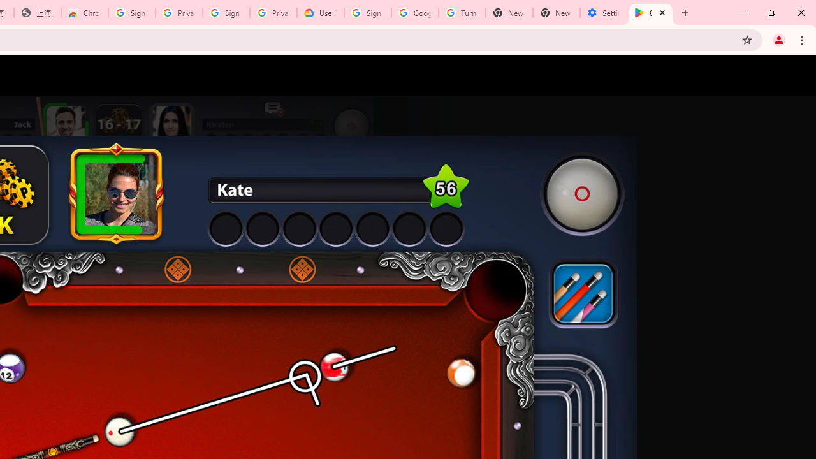 The width and height of the screenshot is (816, 459). I want to click on 'Chrome Web Store - Color themes by Chrome', so click(84, 13).